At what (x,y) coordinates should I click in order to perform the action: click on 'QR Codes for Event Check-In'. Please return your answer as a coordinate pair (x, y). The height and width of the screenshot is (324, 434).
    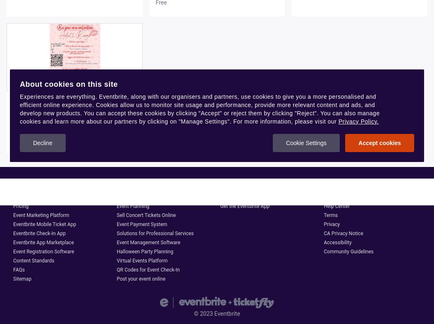
    Looking at the image, I should click on (148, 269).